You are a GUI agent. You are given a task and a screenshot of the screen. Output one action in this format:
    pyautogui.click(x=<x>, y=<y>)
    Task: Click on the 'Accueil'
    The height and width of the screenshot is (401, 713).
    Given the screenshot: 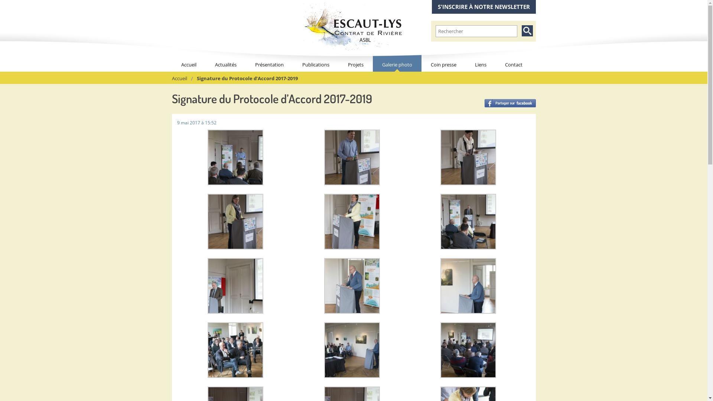 What is the action you would take?
    pyautogui.click(x=179, y=78)
    